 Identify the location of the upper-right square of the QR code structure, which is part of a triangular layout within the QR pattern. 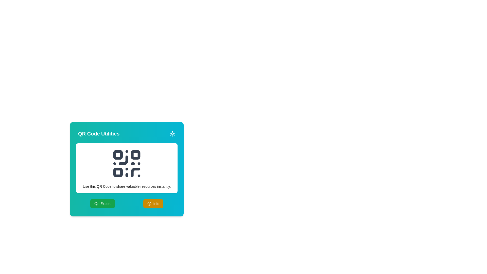
(135, 155).